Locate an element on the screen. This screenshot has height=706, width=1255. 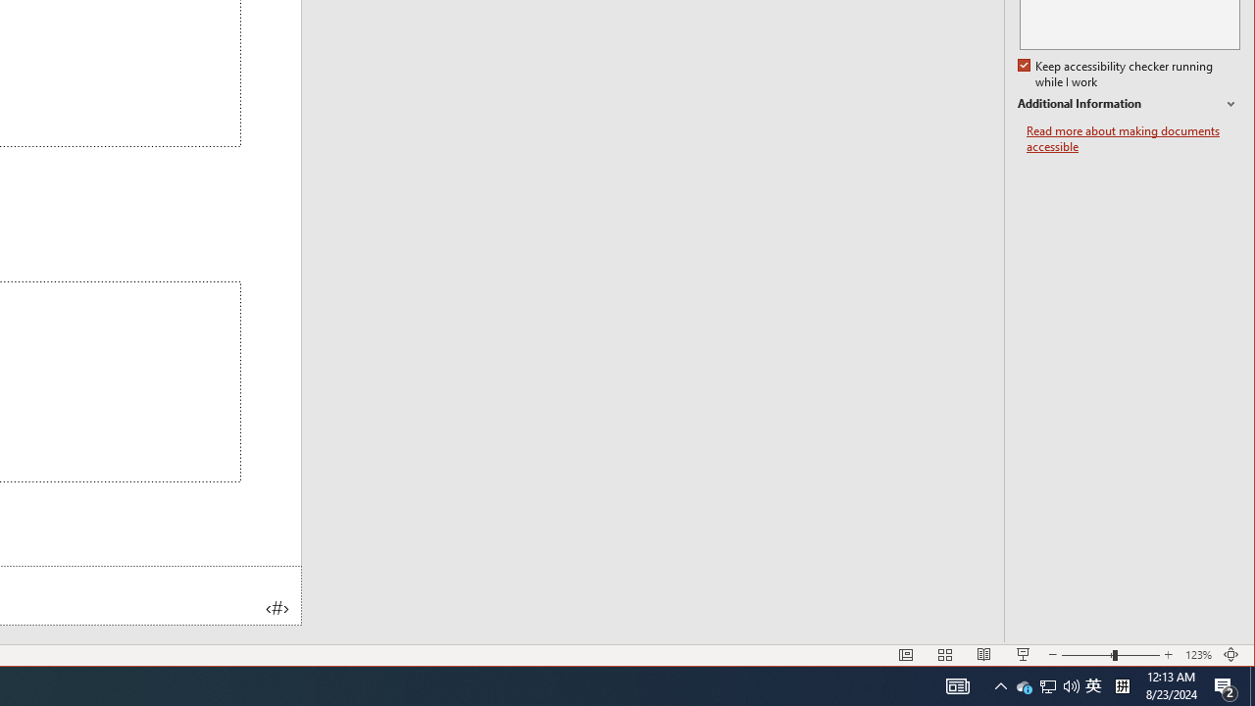
'AutomationID: 4105' is located at coordinates (958, 684).